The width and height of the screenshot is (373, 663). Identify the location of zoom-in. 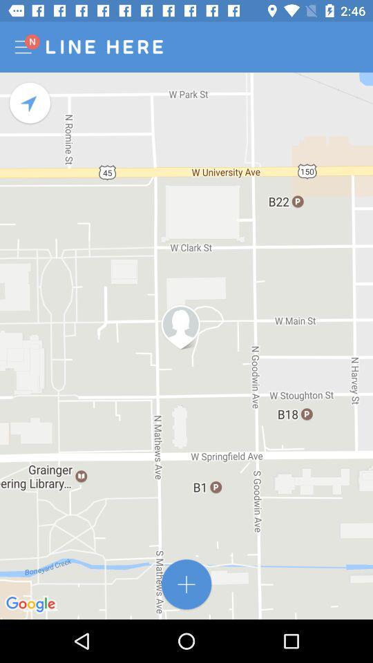
(186, 584).